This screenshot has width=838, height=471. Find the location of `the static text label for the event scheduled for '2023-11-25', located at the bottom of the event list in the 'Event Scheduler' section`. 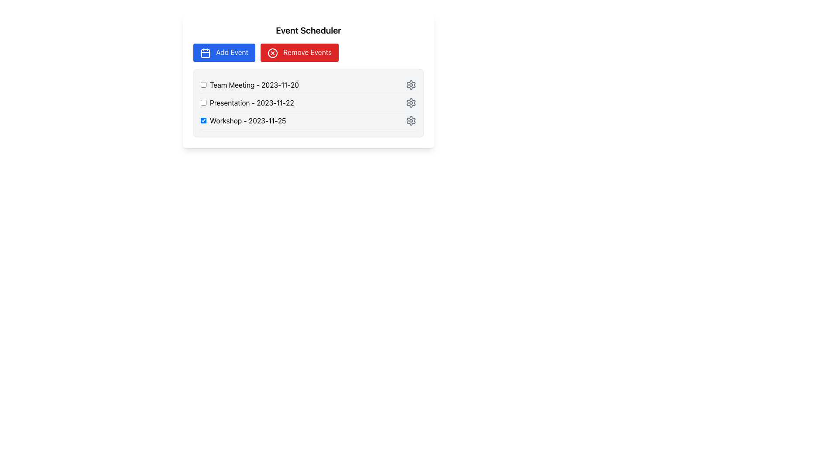

the static text label for the event scheduled for '2023-11-25', located at the bottom of the event list in the 'Event Scheduler' section is located at coordinates (247, 120).